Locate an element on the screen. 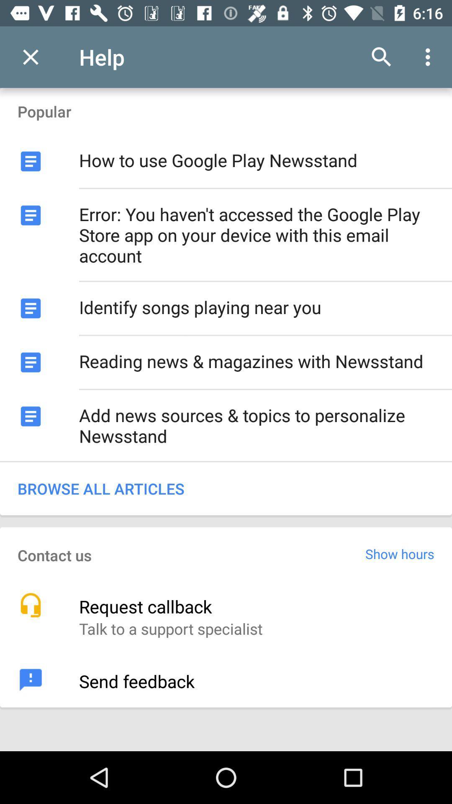 The image size is (452, 804). the icon below browse all articles icon is located at coordinates (399, 554).